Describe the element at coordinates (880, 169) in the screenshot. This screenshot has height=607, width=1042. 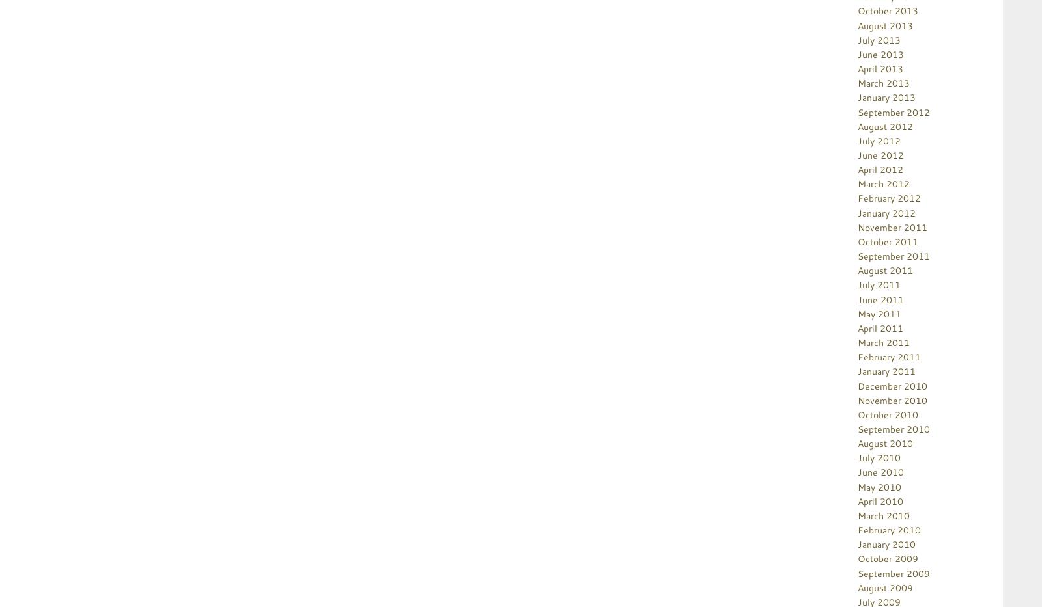
I see `'April 2012'` at that location.